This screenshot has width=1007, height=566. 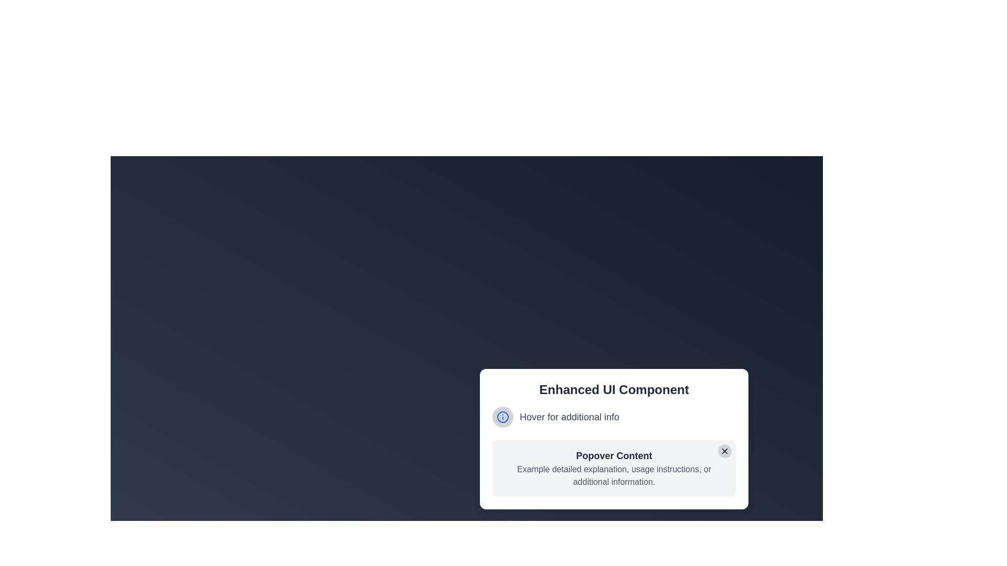 What do you see at coordinates (614, 455) in the screenshot?
I see `the text label displaying 'Popover Content' which is styled with bold font weight and dark gray color, located in a light gray section with rounded corners` at bounding box center [614, 455].